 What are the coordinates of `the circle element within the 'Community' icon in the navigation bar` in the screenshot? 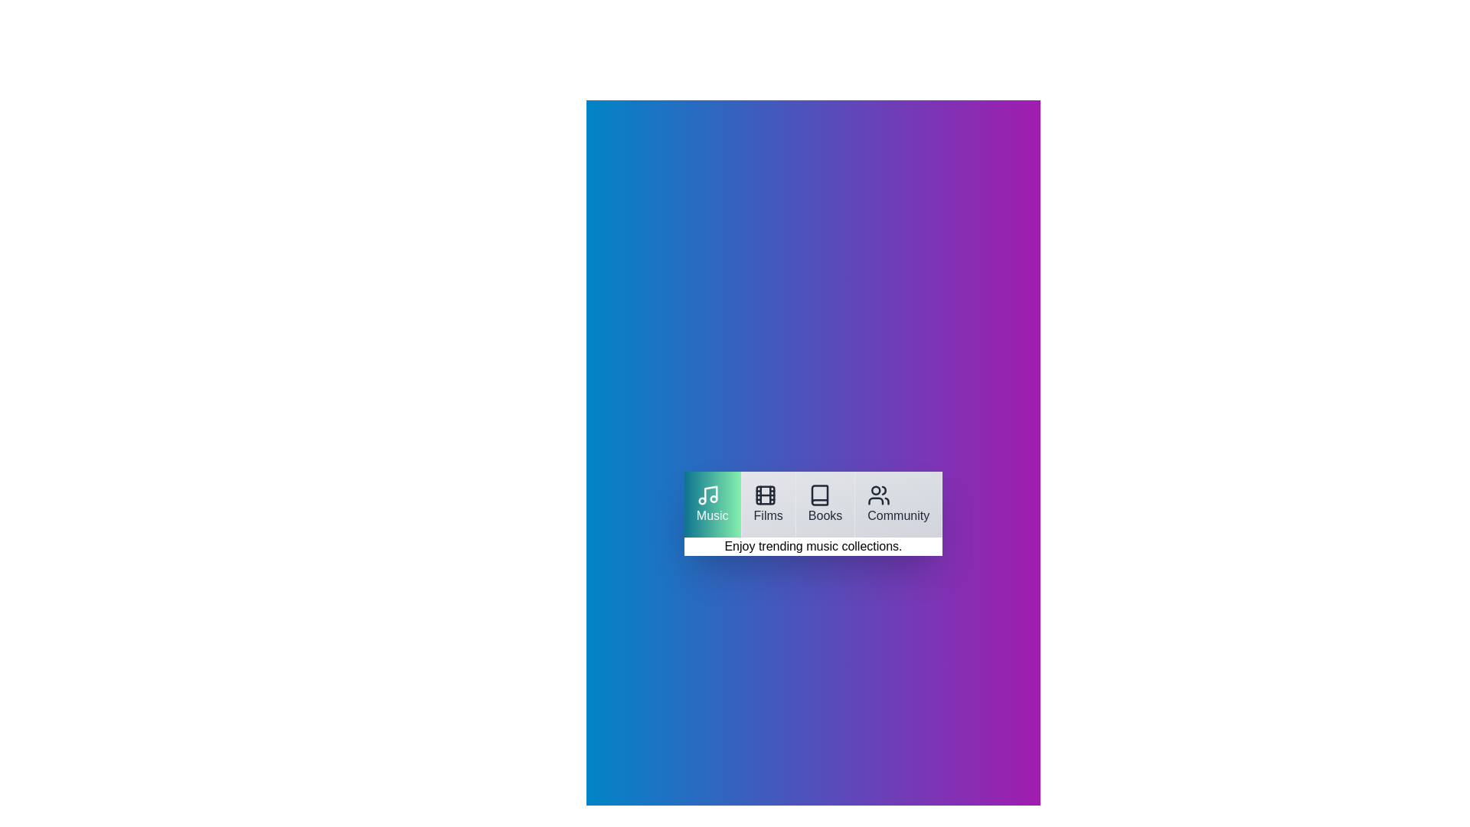 It's located at (876, 490).